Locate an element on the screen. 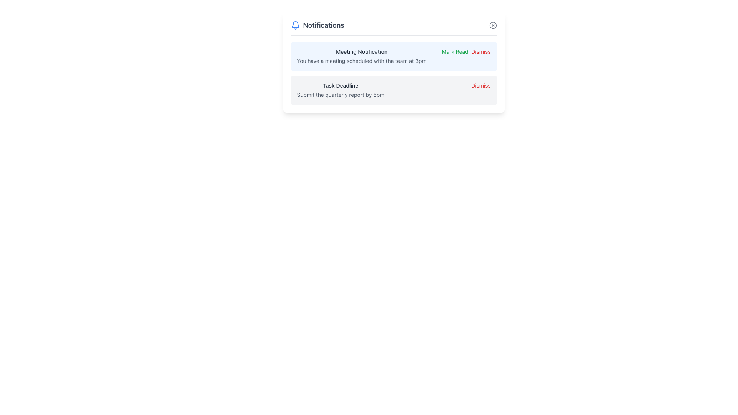 The width and height of the screenshot is (738, 415). the top notification card displaying the meeting notification at 3pm is located at coordinates (394, 62).